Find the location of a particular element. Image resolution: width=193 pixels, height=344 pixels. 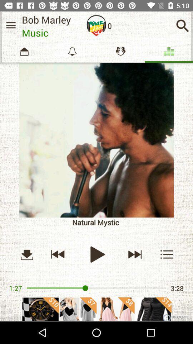

search songs is located at coordinates (182, 25).